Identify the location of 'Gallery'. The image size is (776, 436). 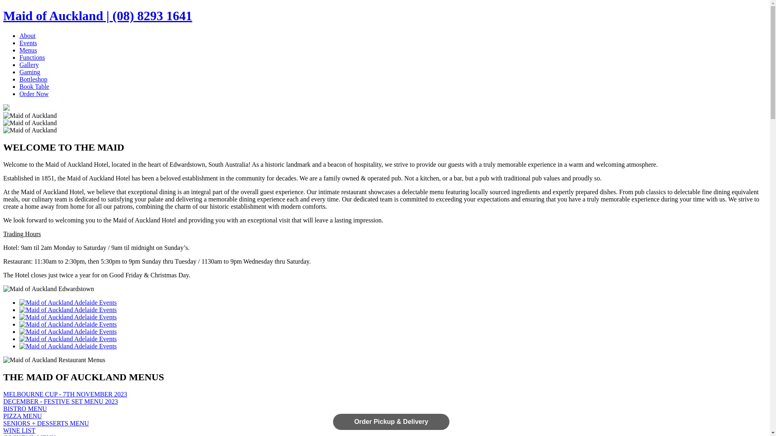
(29, 64).